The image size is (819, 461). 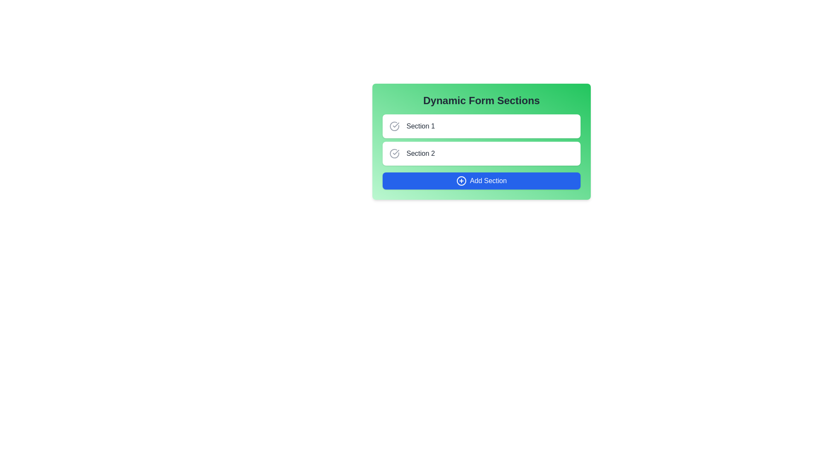 I want to click on text of the title element located at the top of the green background card above 'Section 1' and 'Section 2', so click(x=481, y=100).